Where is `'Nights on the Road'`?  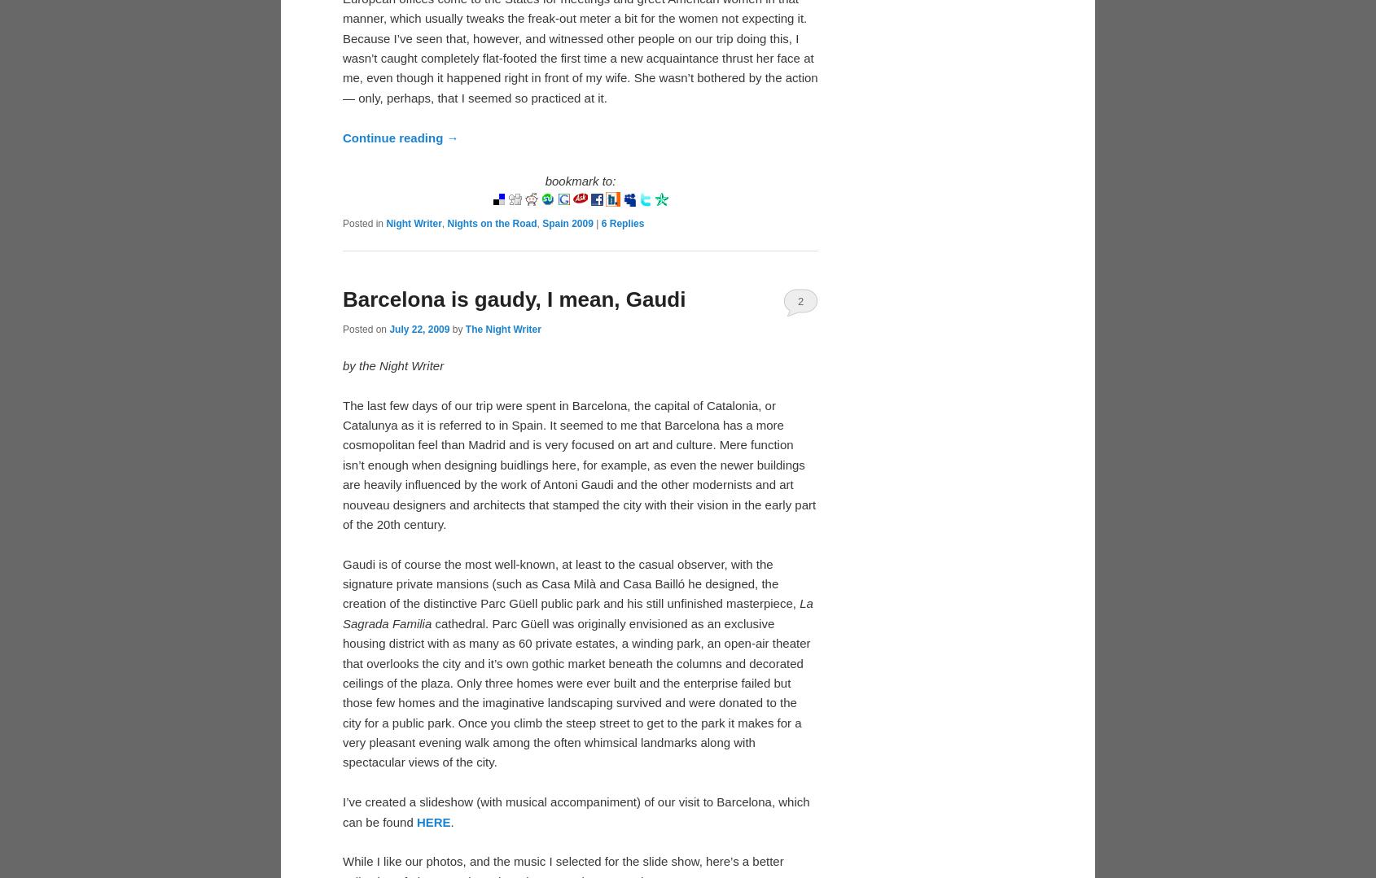
'Nights on the Road' is located at coordinates (492, 224).